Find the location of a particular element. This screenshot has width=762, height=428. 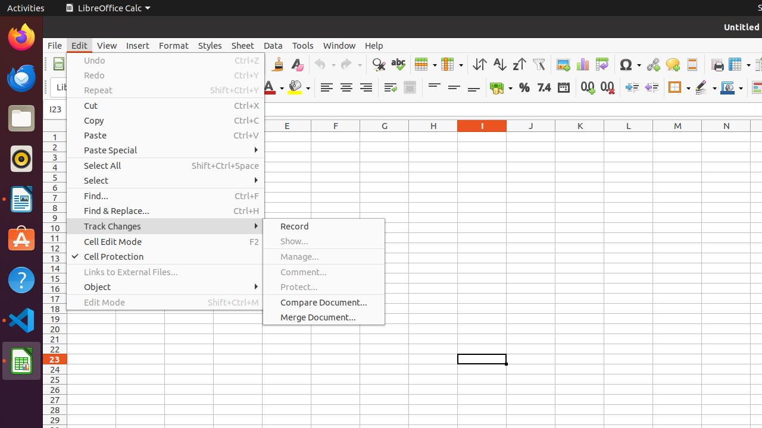

'Headers and Footers' is located at coordinates (692, 64).